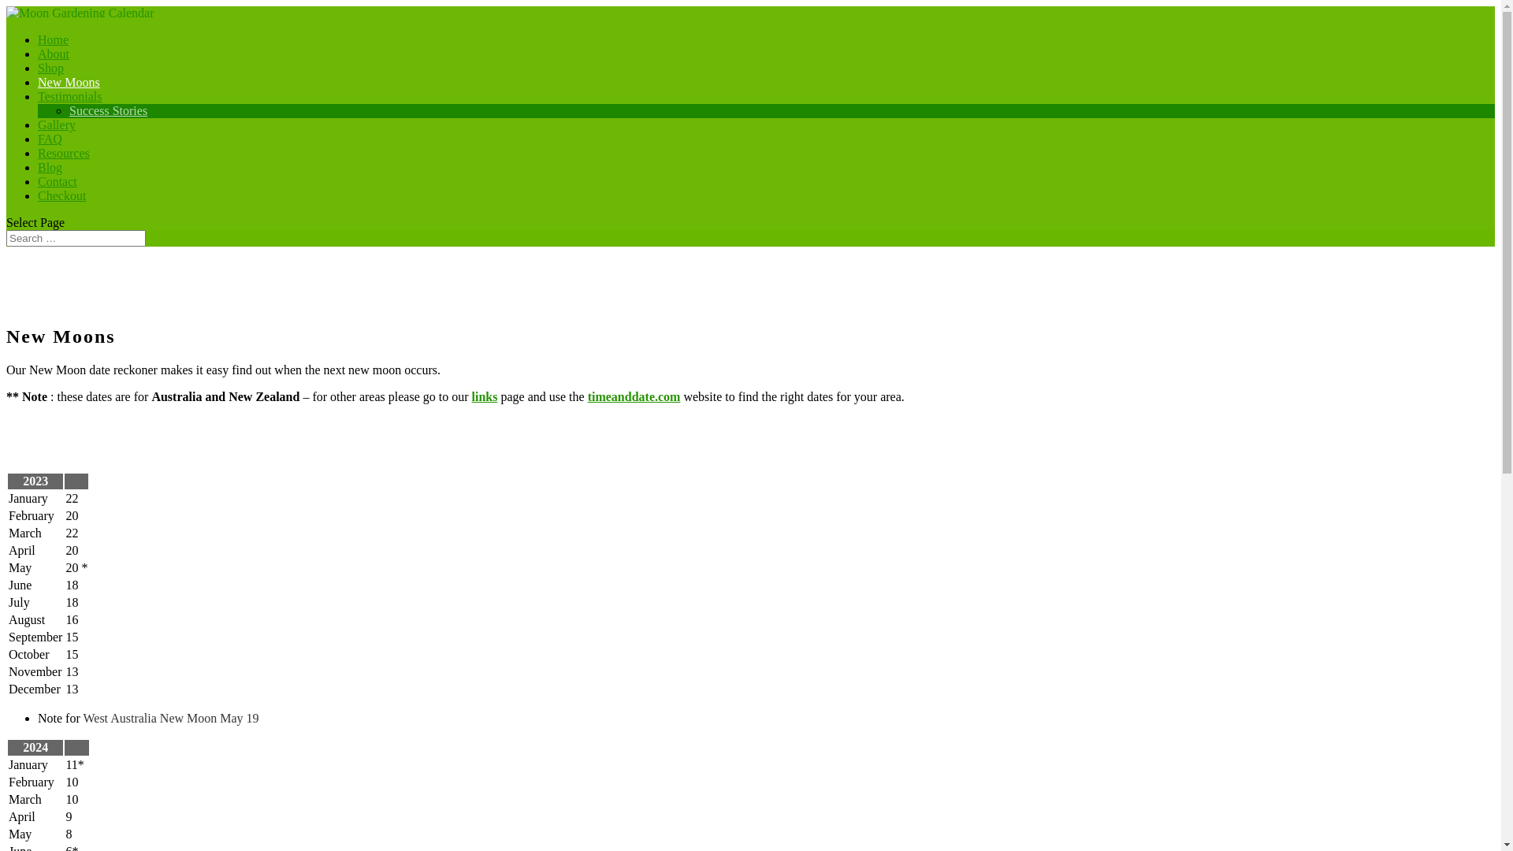 This screenshot has width=1513, height=851. I want to click on 'About', so click(38, 60).